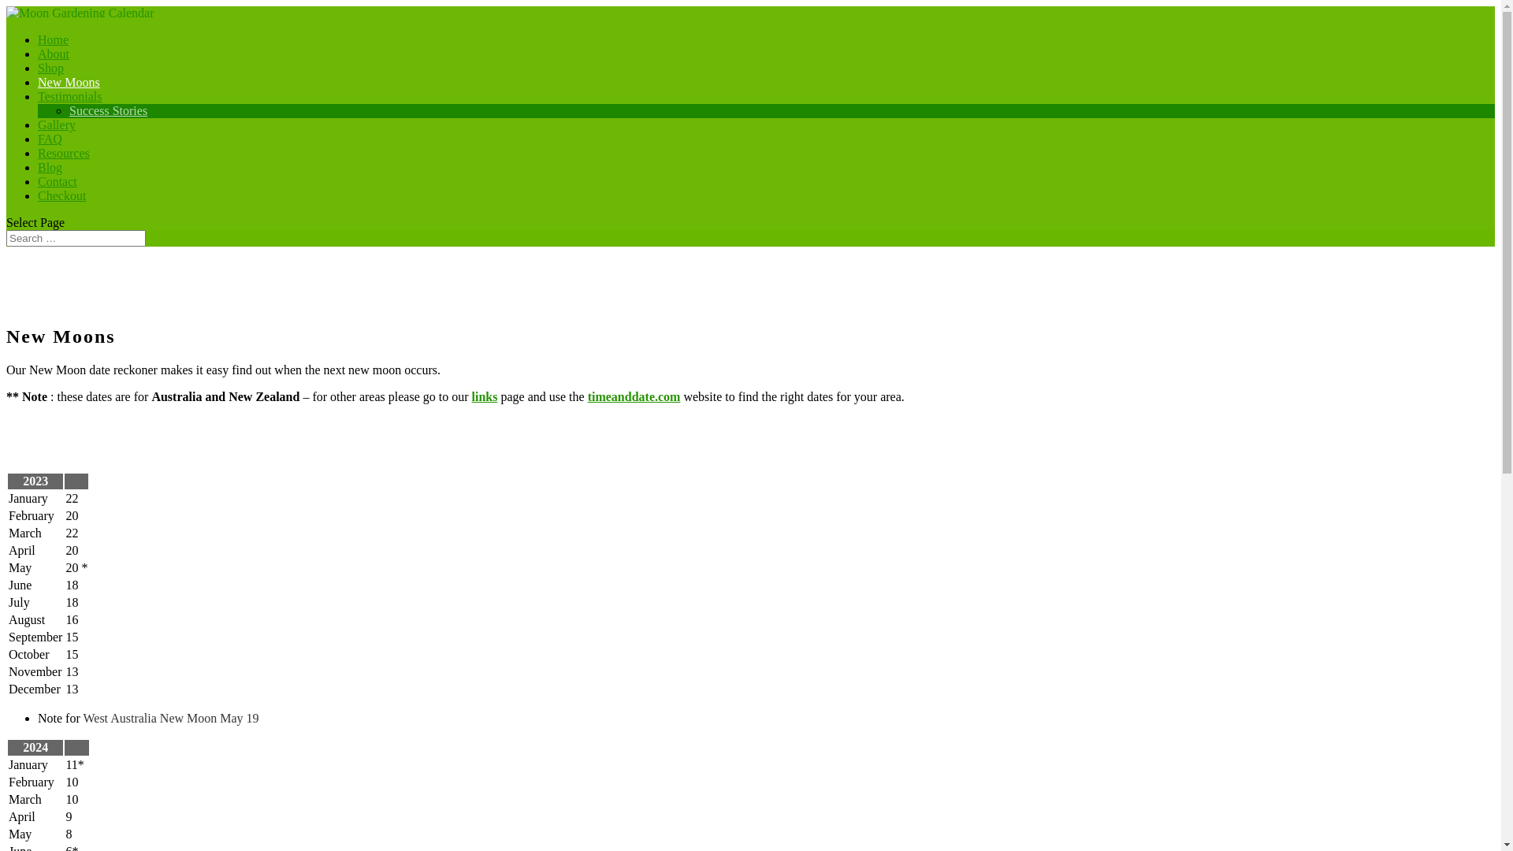 This screenshot has width=1513, height=851. I want to click on 'About', so click(38, 60).